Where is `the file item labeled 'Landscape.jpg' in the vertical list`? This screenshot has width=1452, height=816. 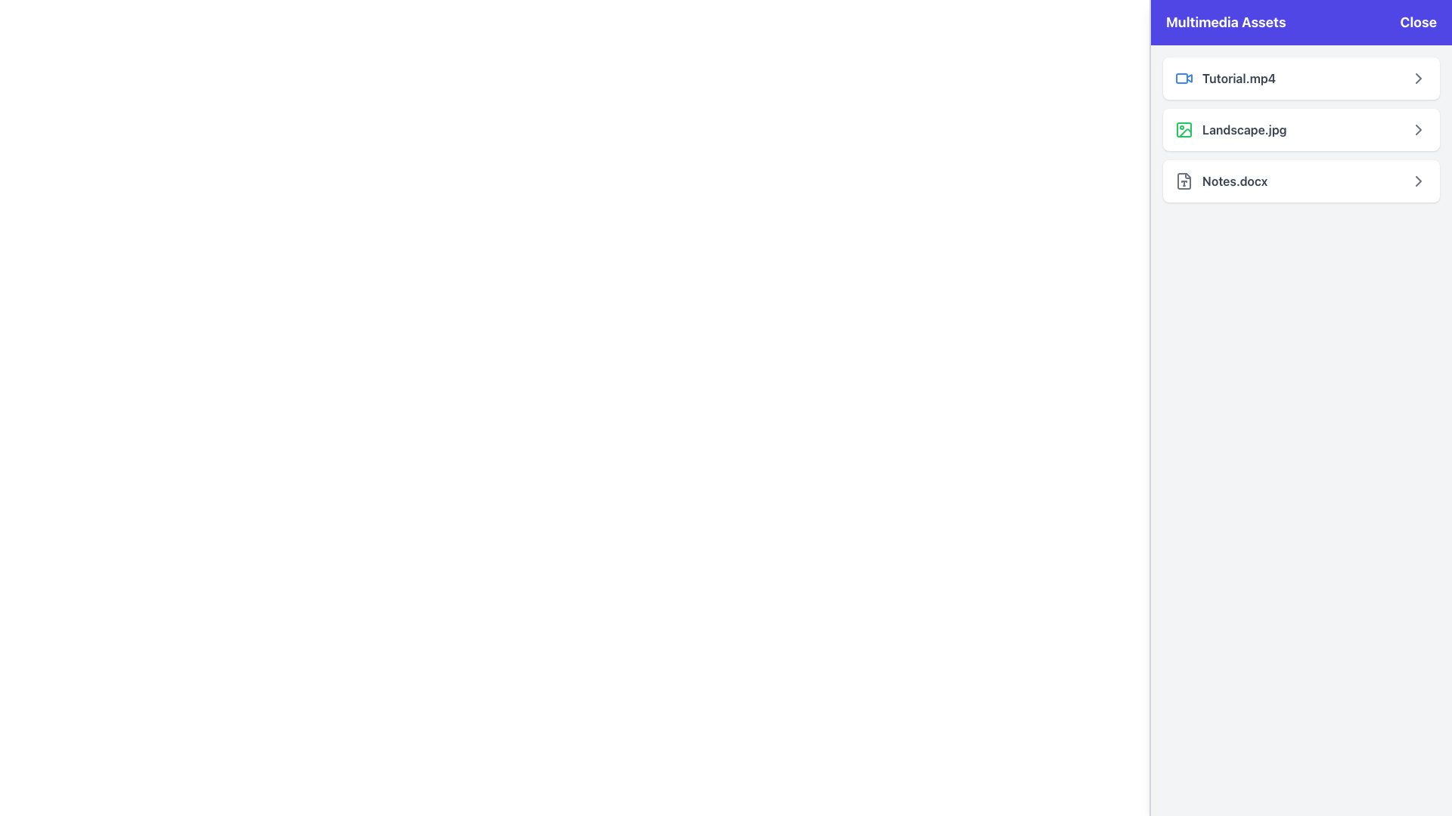
the file item labeled 'Landscape.jpg' in the vertical list is located at coordinates (1301, 129).